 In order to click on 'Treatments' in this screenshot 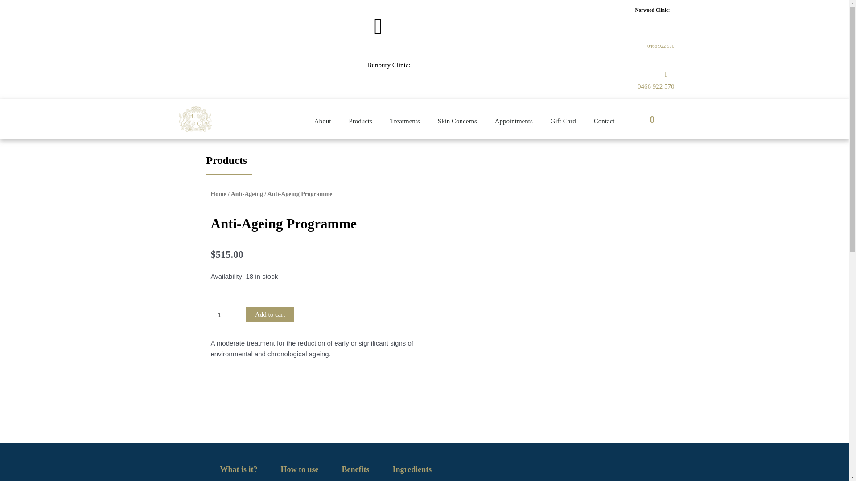, I will do `click(381, 121)`.